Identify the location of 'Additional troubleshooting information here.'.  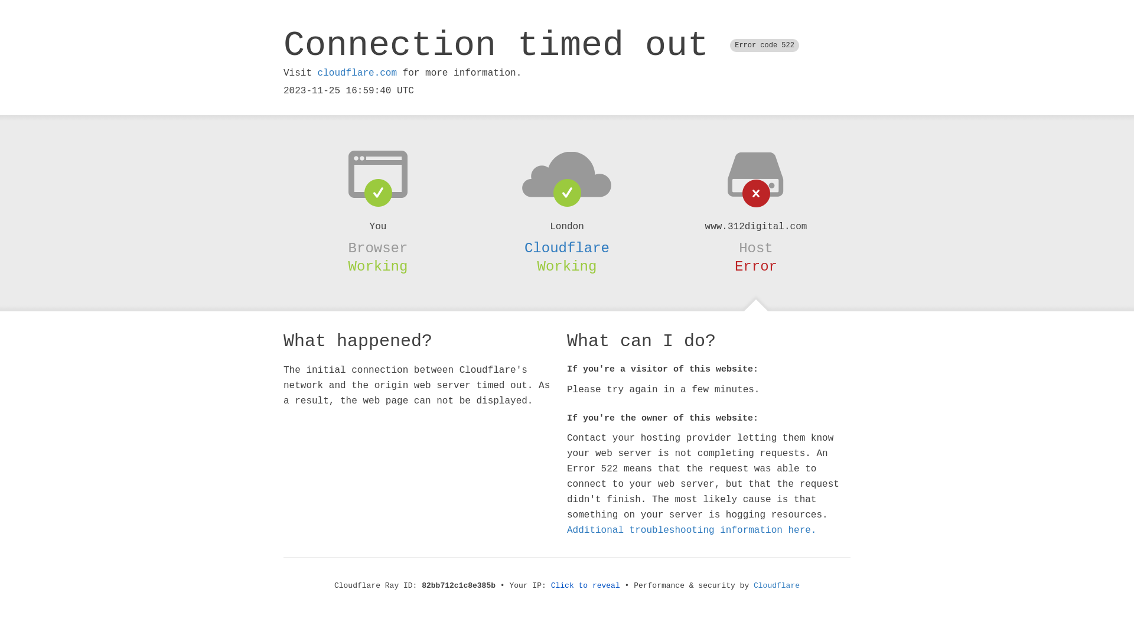
(692, 530).